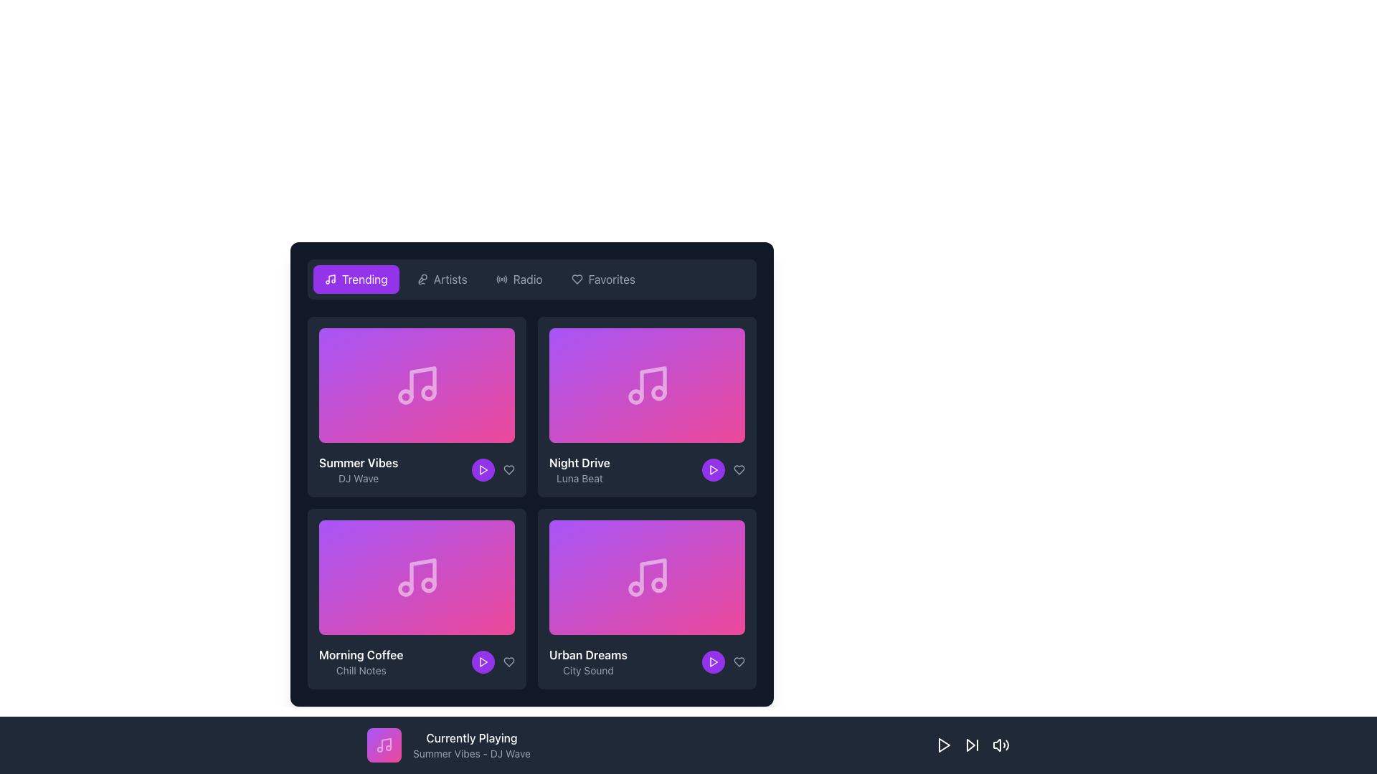 Image resolution: width=1377 pixels, height=774 pixels. I want to click on the circular button with a purple background and a white play icon, located at the bottom-right corner of the 'Summer Vibes' card by 'DJ Wave', so click(483, 469).